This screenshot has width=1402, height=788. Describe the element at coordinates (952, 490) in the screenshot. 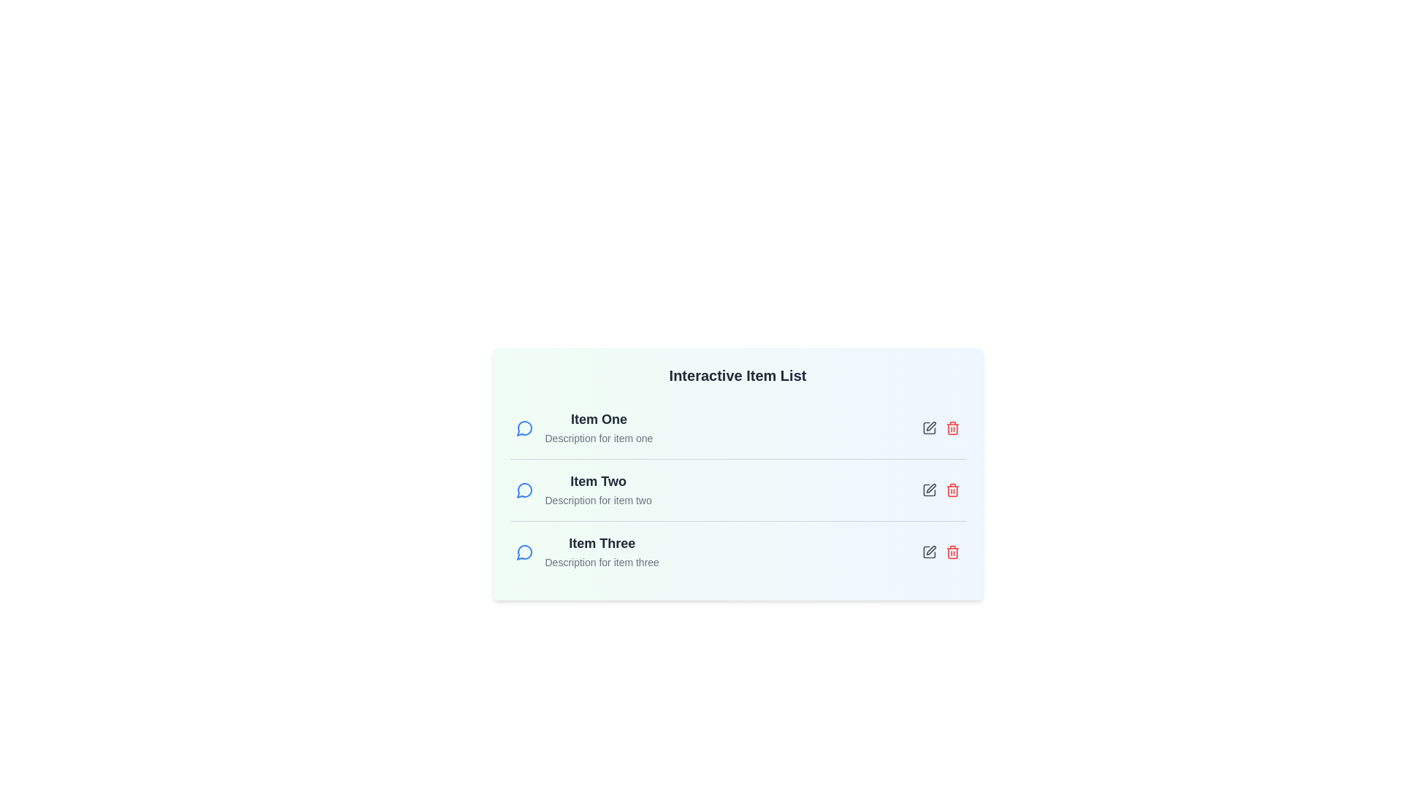

I see `the delete icon for the item Item Two` at that location.